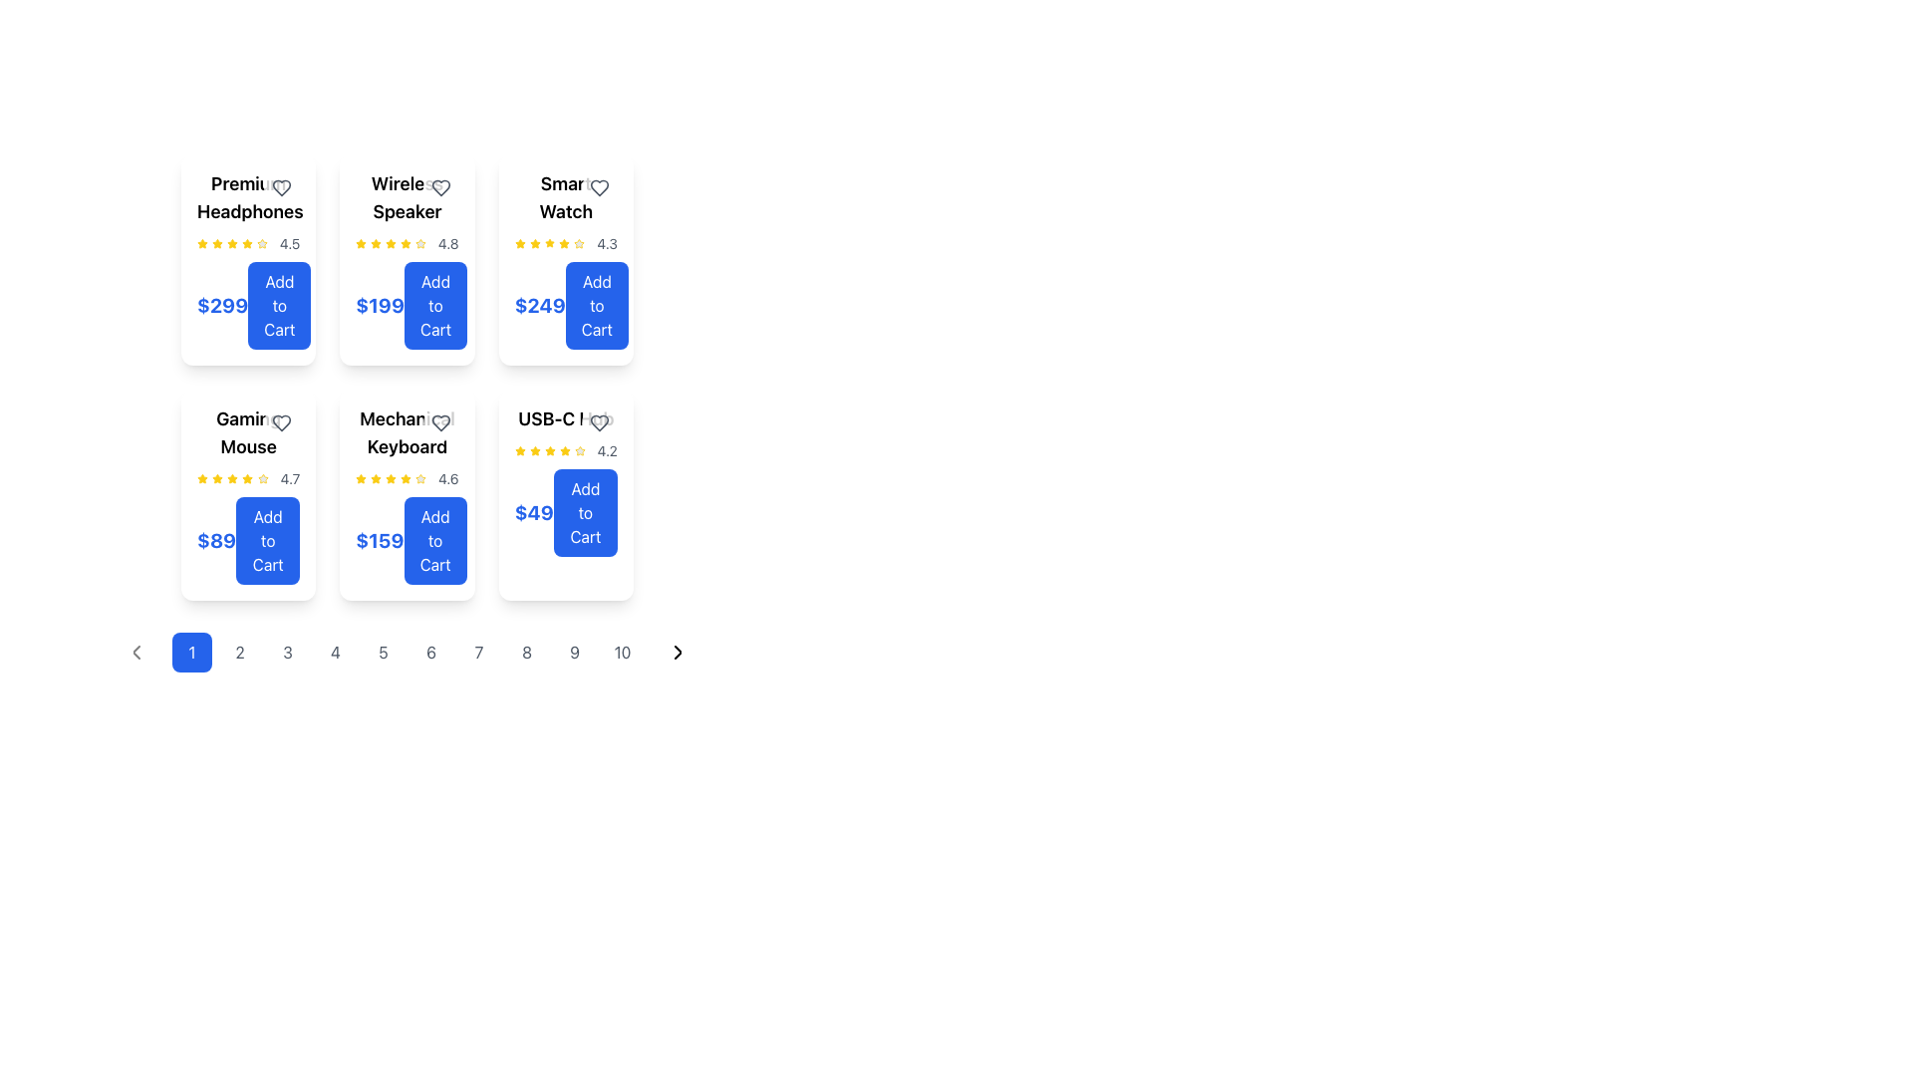 Image resolution: width=1913 pixels, height=1076 pixels. I want to click on price displayed in the static text label showing '$299' in blue, bold, large text, located in the top left corner of the product card for 'Premium Headphones', so click(222, 306).